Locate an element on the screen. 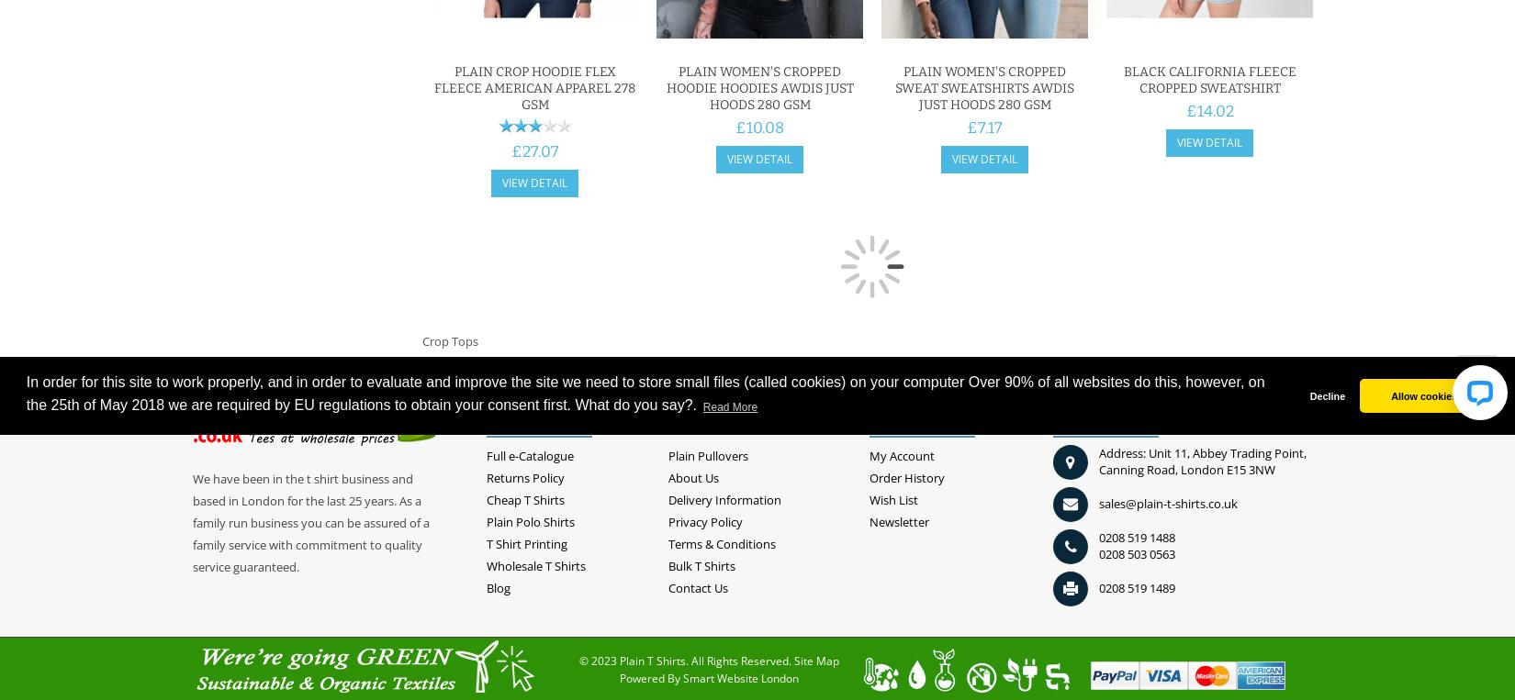 The image size is (1515, 700). 'Crop Tops' is located at coordinates (449, 339).